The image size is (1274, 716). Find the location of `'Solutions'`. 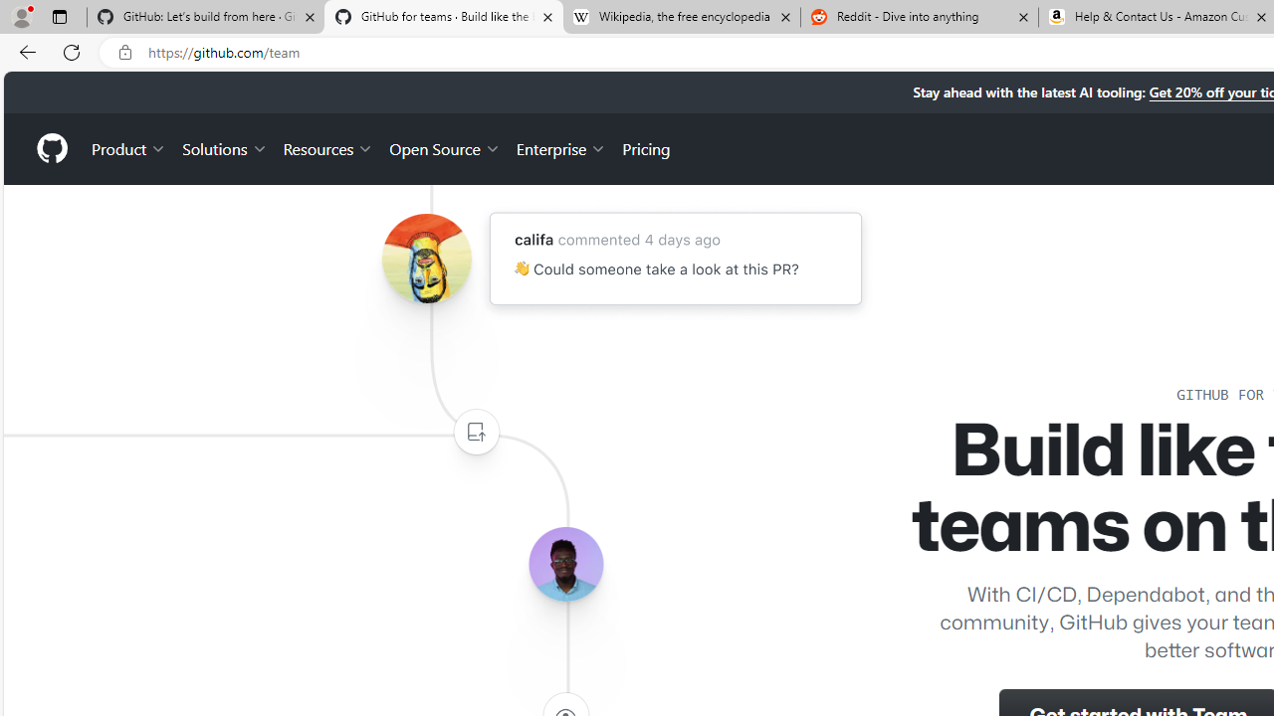

'Solutions' is located at coordinates (224, 147).